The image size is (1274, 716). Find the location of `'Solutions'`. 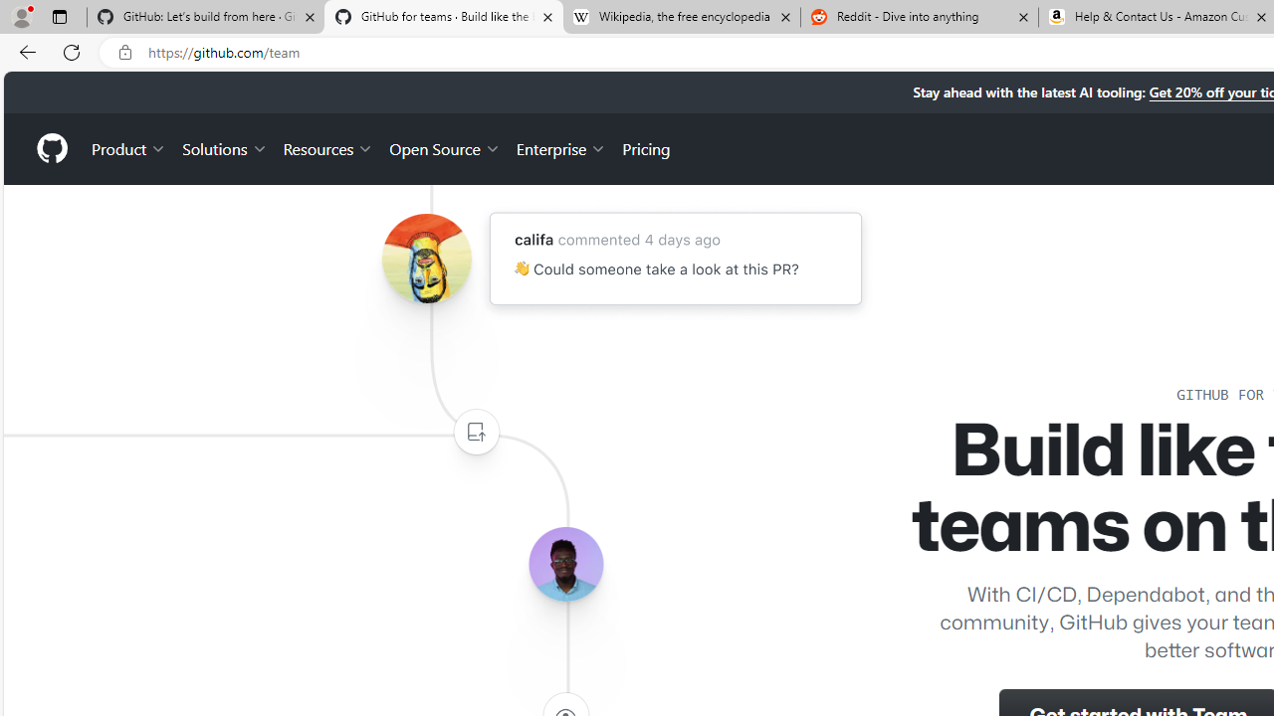

'Solutions' is located at coordinates (224, 147).